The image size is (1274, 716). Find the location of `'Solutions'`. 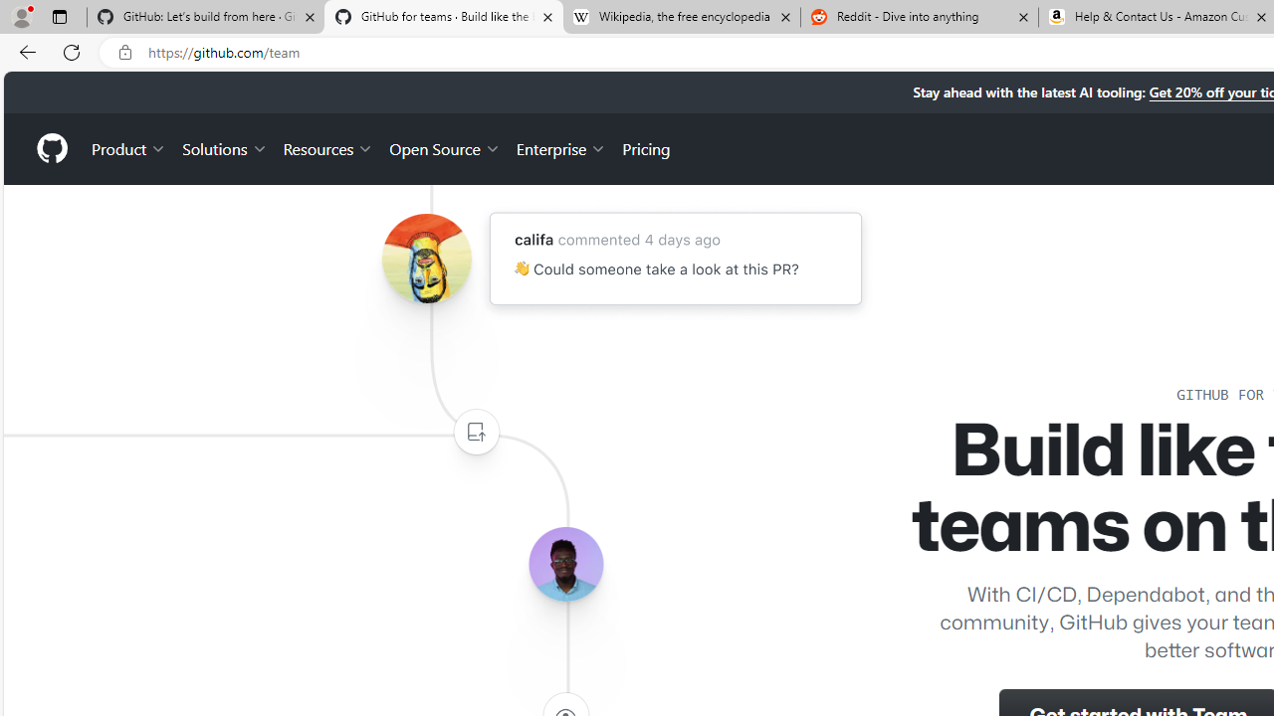

'Solutions' is located at coordinates (224, 147).